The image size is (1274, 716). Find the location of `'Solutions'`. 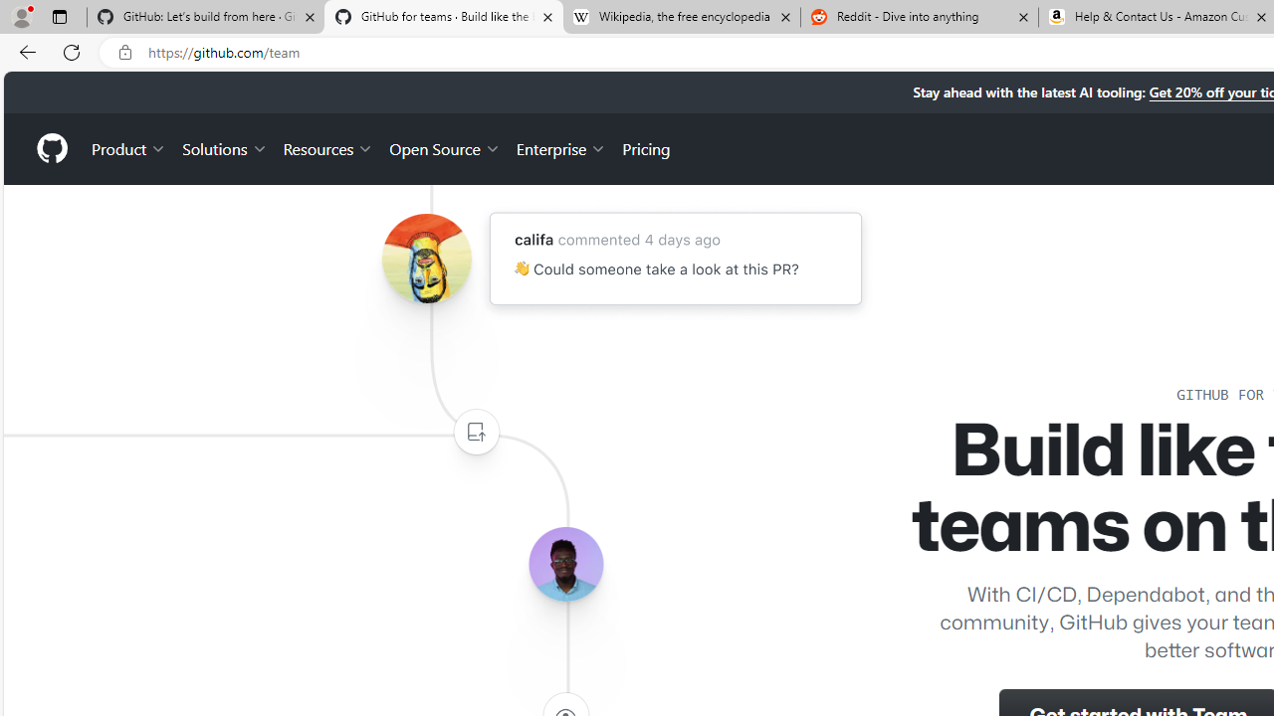

'Solutions' is located at coordinates (224, 147).